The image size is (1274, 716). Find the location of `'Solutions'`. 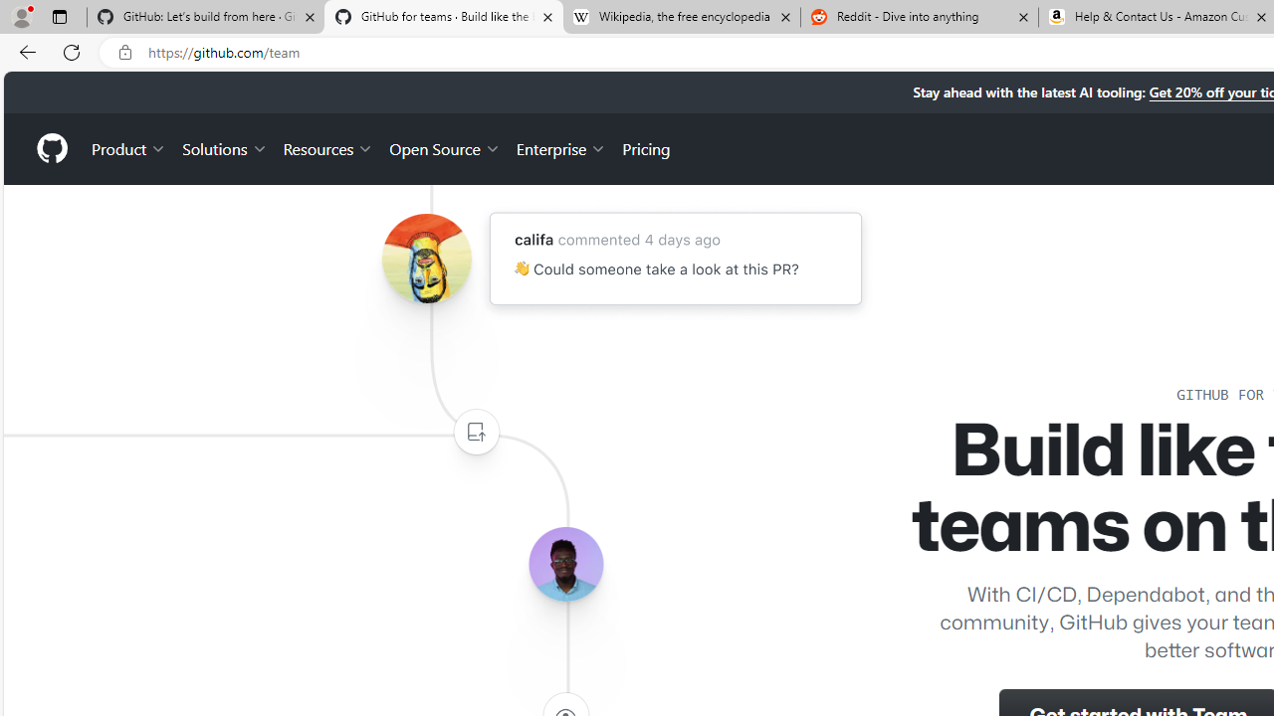

'Solutions' is located at coordinates (224, 147).